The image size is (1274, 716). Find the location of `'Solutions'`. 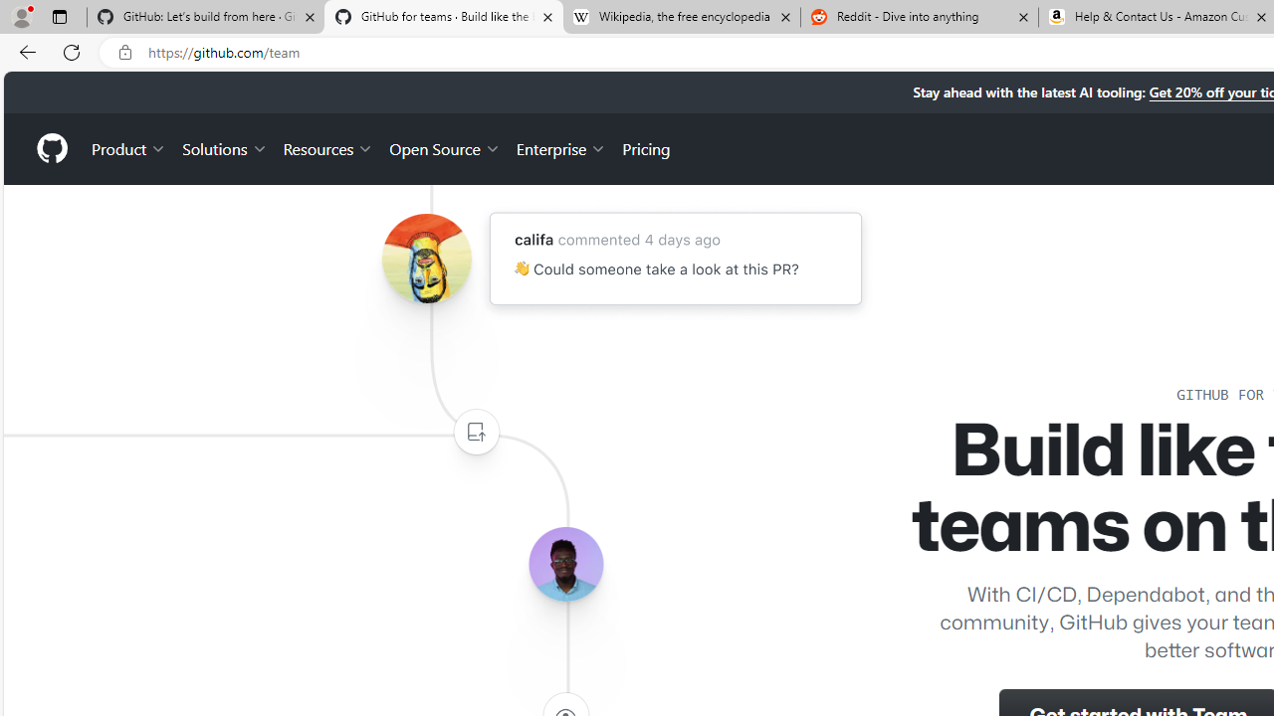

'Solutions' is located at coordinates (224, 147).